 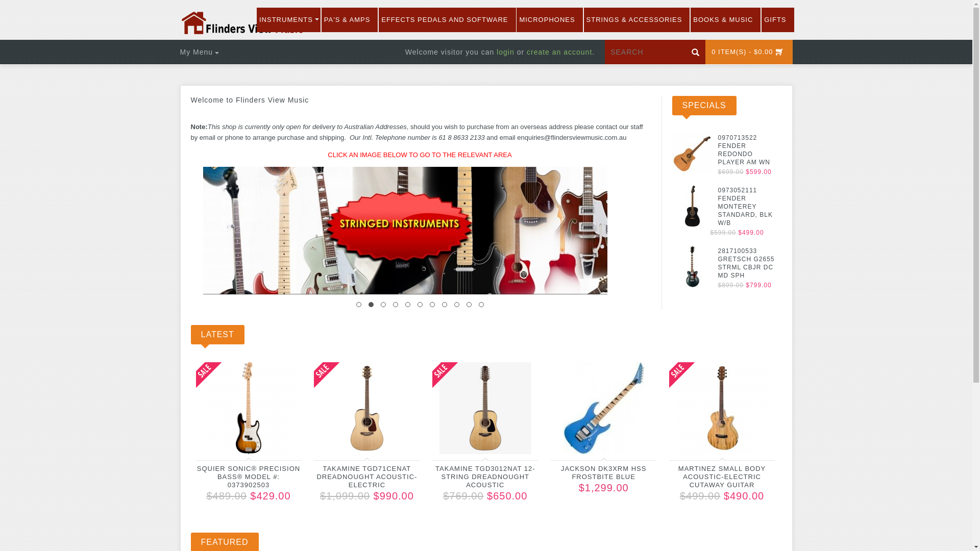 I want to click on '2817100533 GRETSCH G2655 STRML CBJR DC MD SPH', so click(x=746, y=263).